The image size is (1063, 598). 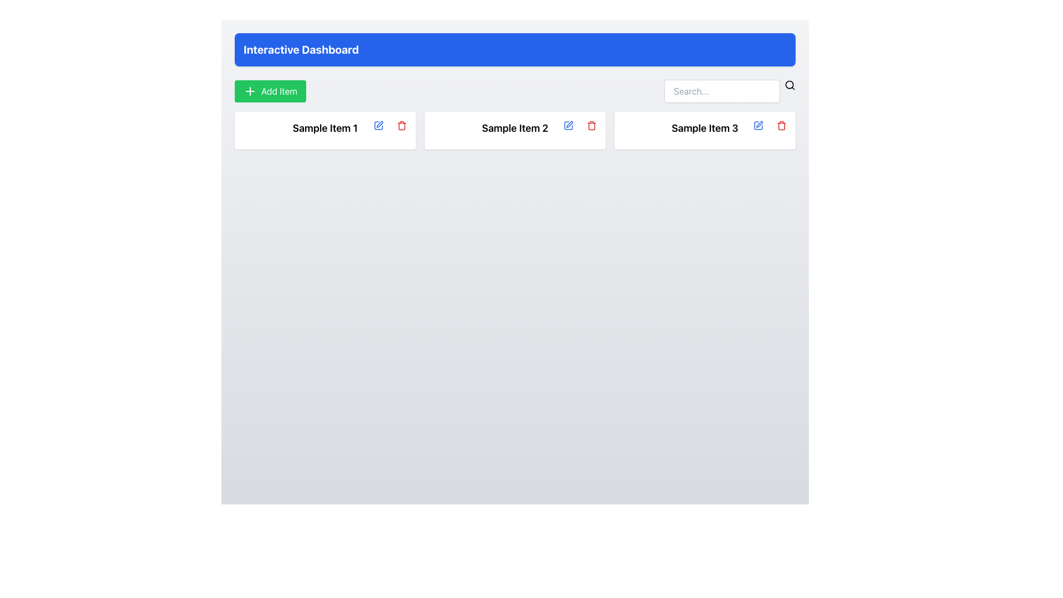 I want to click on the trash can icon button located to the immediate right of the pencil icon in the controls for 'Sample Item 3', so click(x=781, y=125).